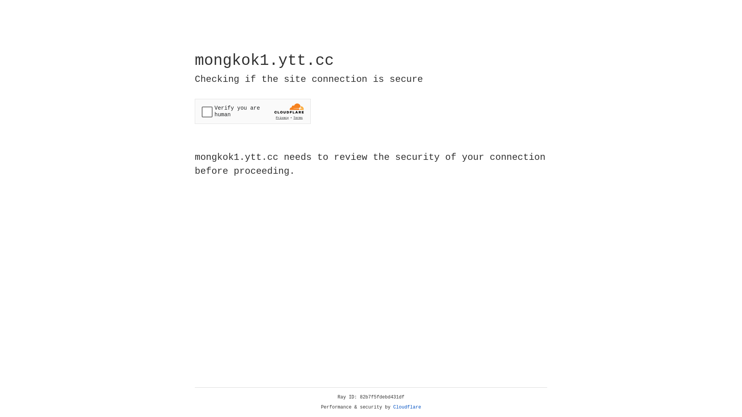 This screenshot has height=417, width=742. Describe the element at coordinates (252, 111) in the screenshot. I see `'Widget containing a Cloudflare security challenge'` at that location.